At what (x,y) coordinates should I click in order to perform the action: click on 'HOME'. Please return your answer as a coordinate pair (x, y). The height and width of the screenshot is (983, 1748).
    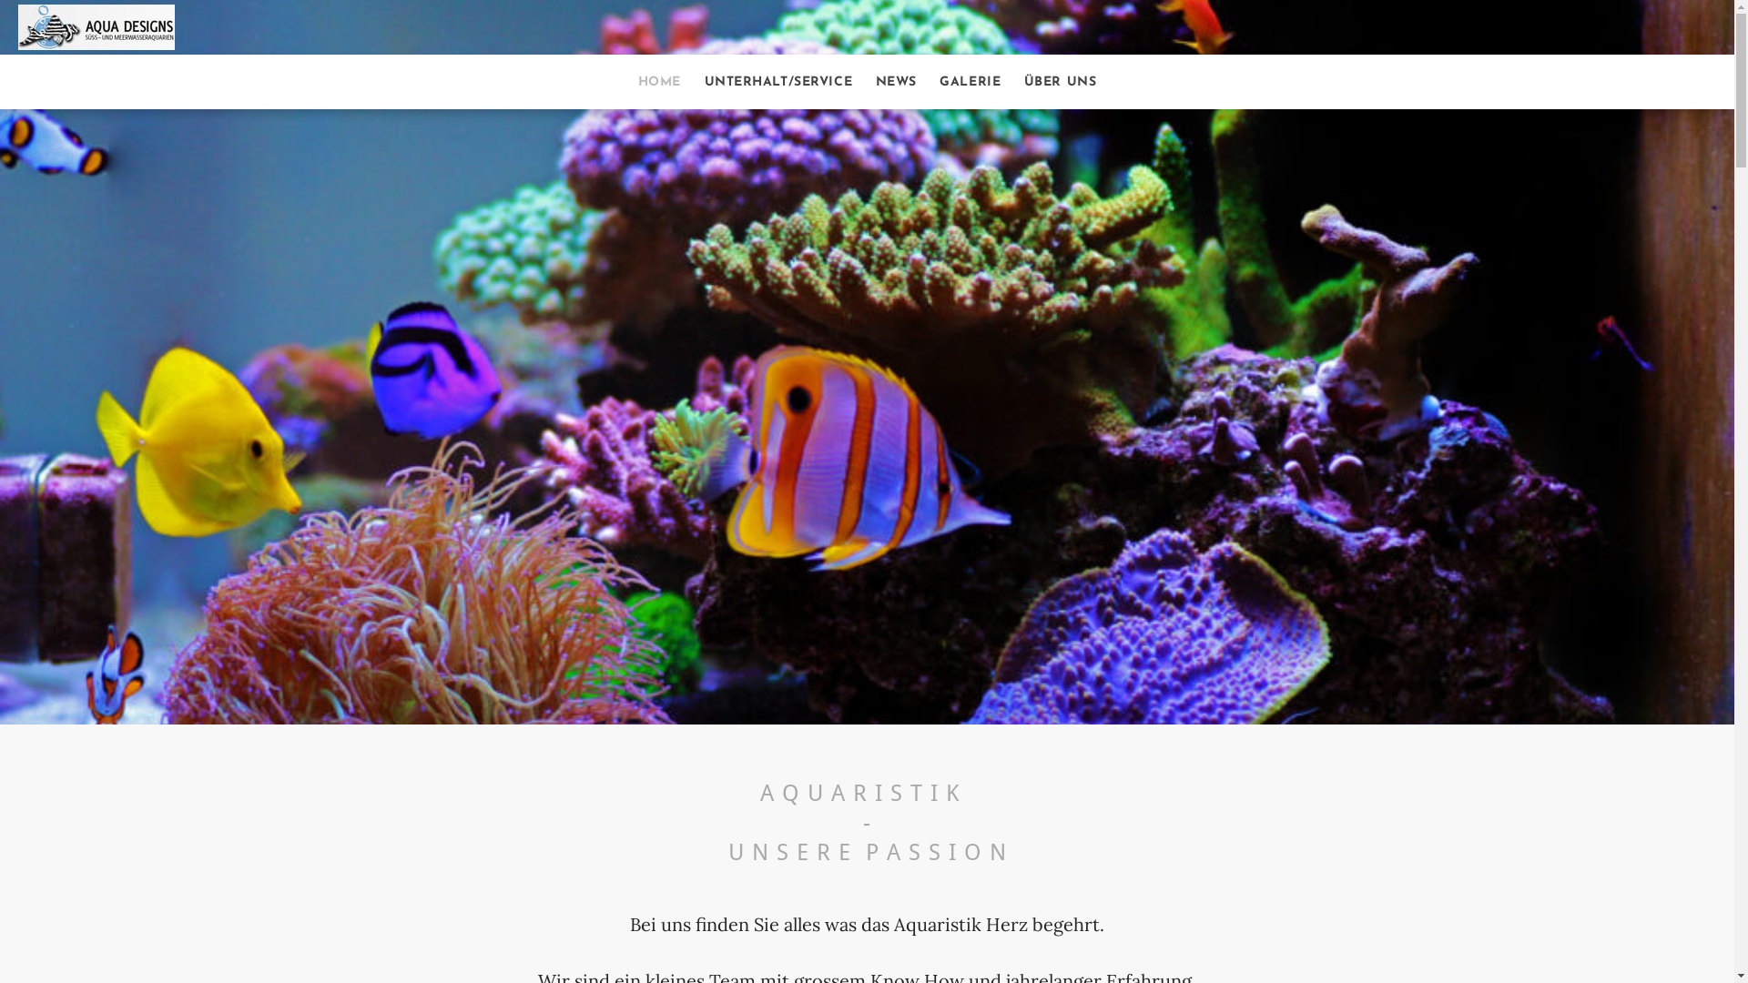
    Looking at the image, I should click on (658, 82).